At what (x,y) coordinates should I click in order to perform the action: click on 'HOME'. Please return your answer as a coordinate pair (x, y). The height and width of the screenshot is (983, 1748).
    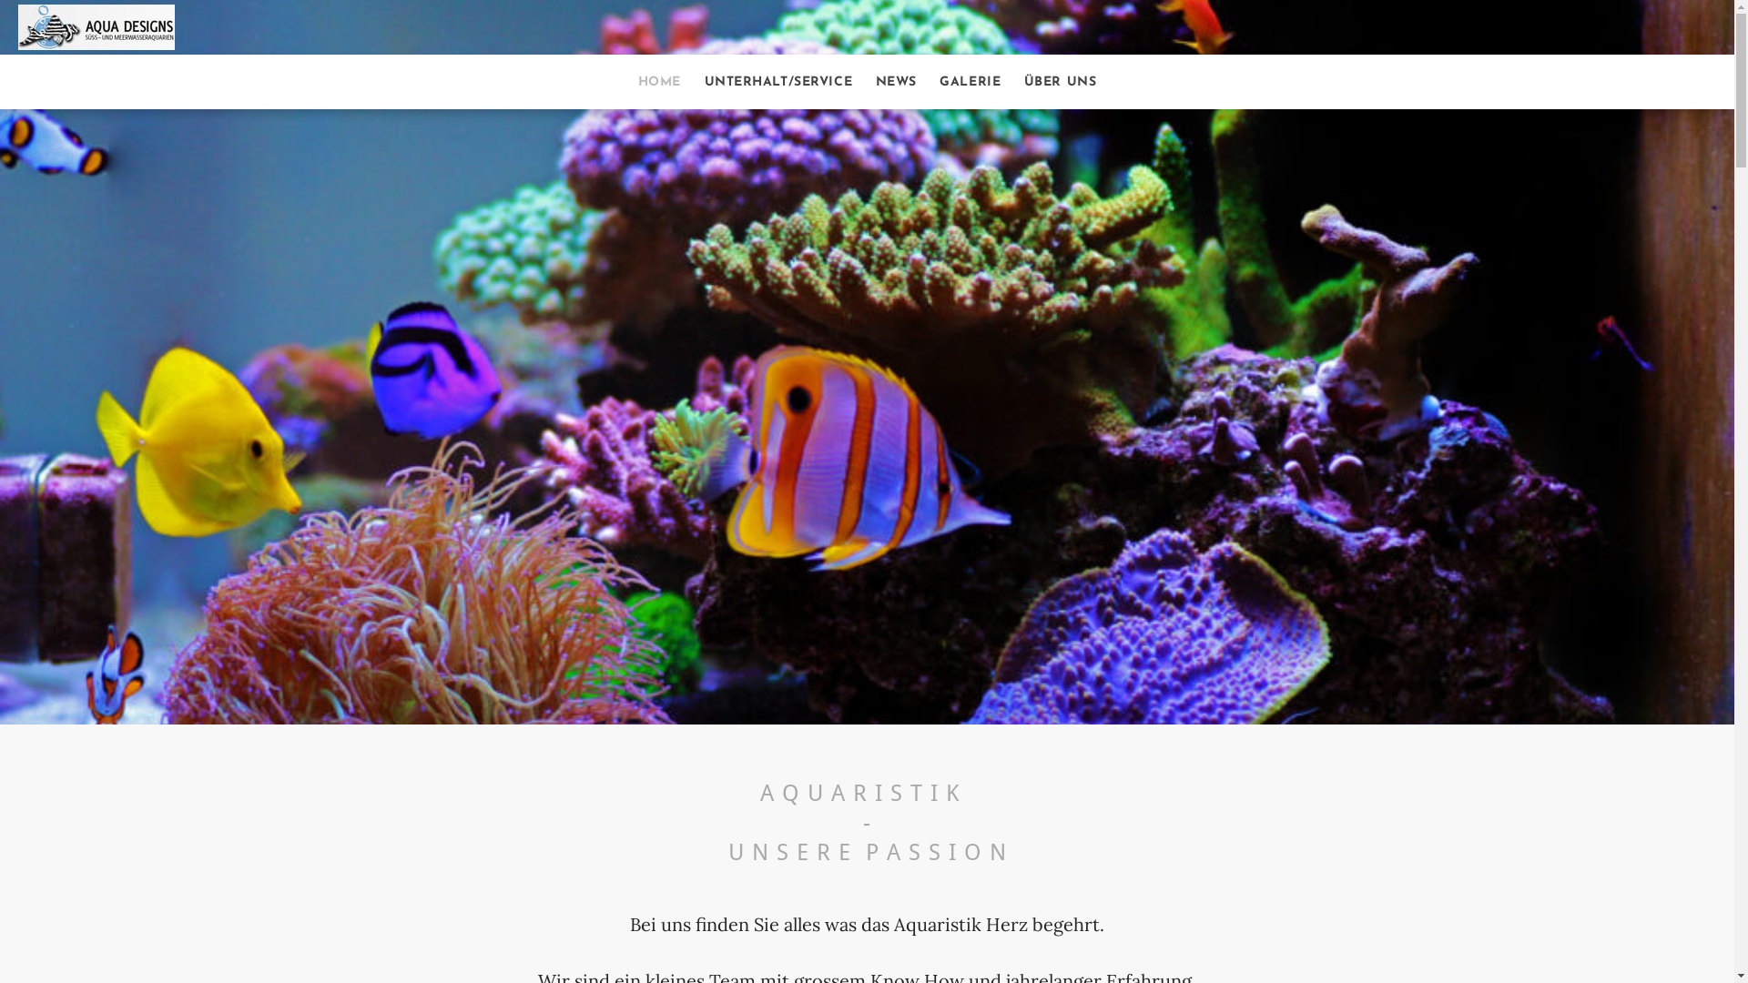
    Looking at the image, I should click on (658, 82).